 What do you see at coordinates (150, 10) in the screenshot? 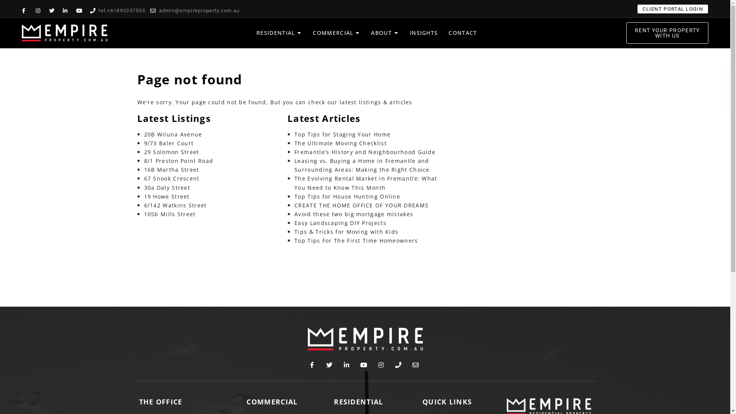
I see `'admin@empireproperty.com.au'` at bounding box center [150, 10].